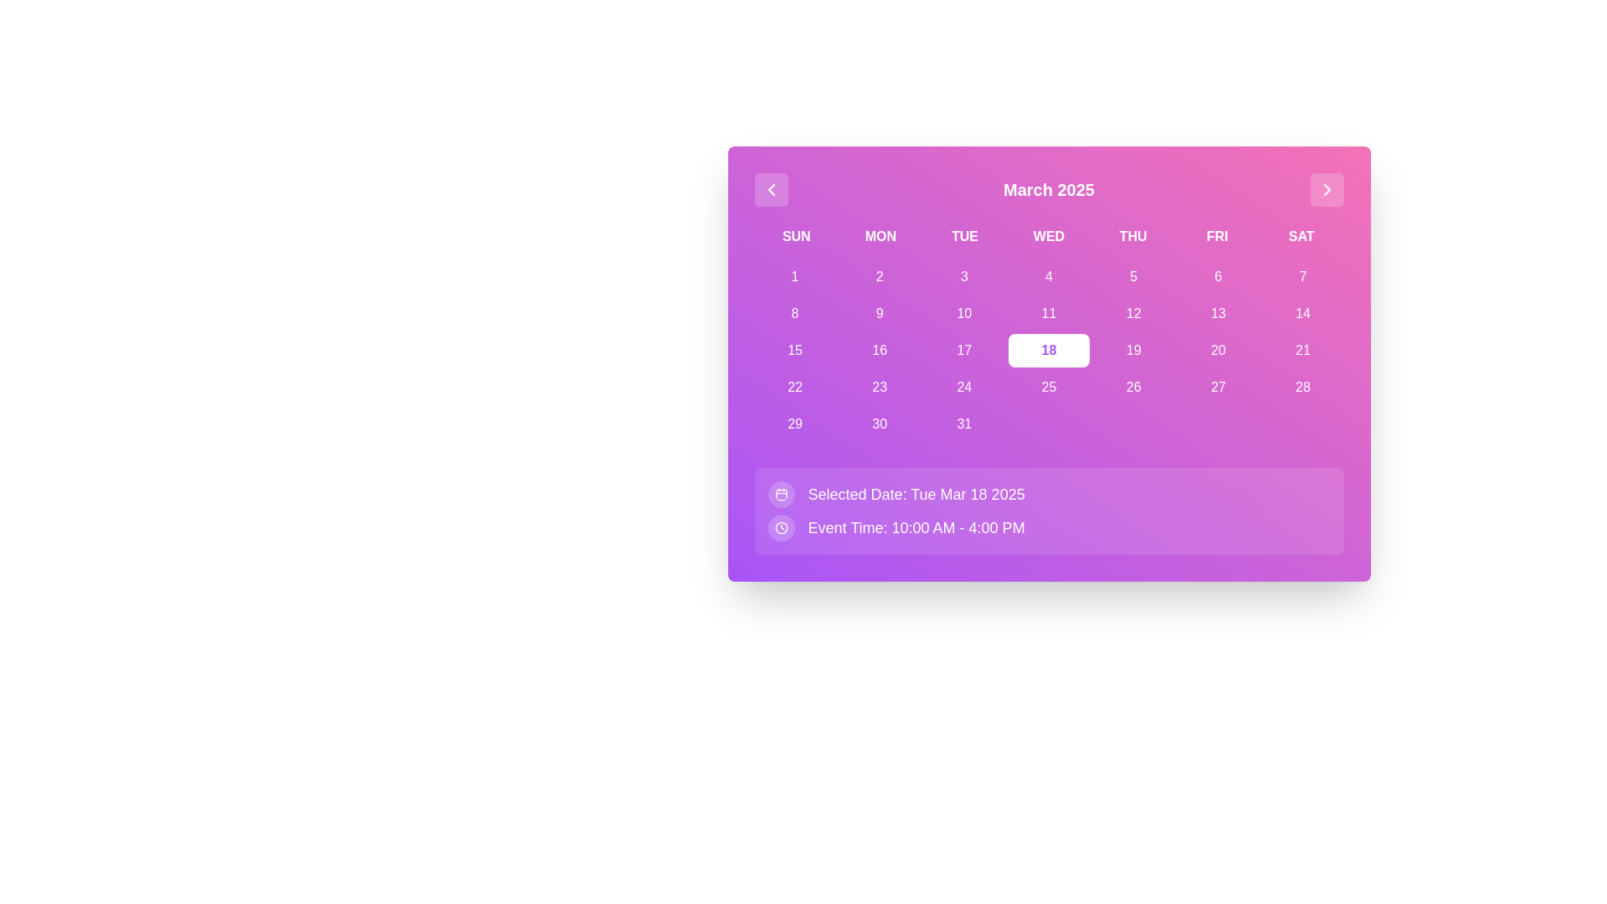 Image resolution: width=1607 pixels, height=904 pixels. Describe the element at coordinates (1048, 350) in the screenshot. I see `the white rectangular button with rounded corners displaying the number '18', located in the third row and fourth column of the calendar grid for March 2025` at that location.